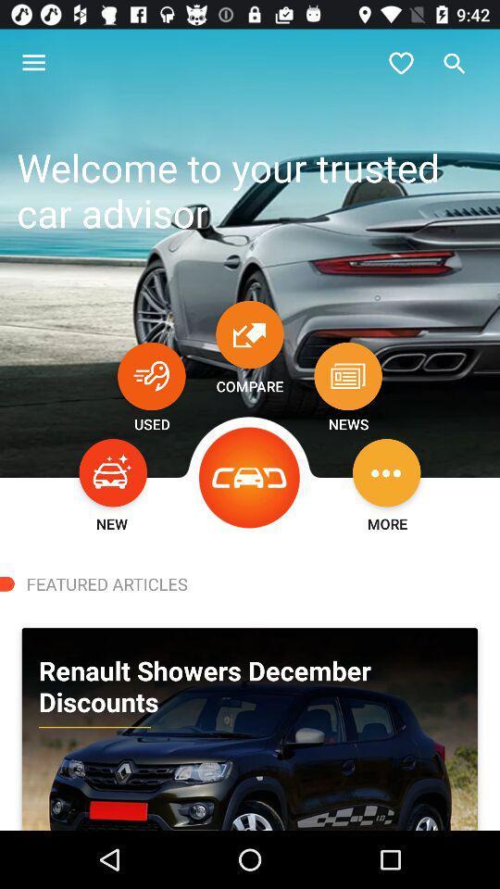  I want to click on news, so click(348, 375).